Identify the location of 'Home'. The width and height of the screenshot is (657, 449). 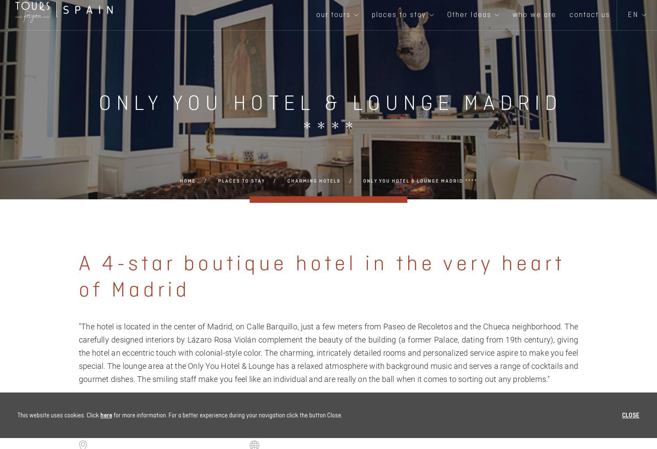
(187, 180).